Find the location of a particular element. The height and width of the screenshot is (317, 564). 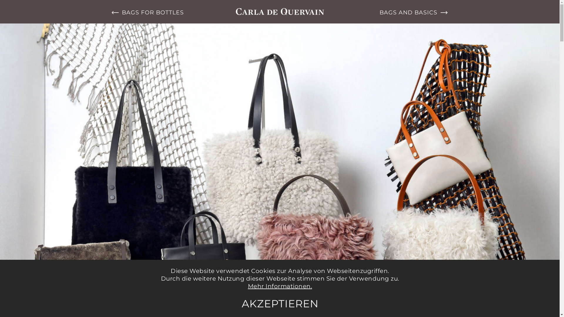

'arrow-nav-left-black BAGS FOR BOTTLES' is located at coordinates (152, 12).